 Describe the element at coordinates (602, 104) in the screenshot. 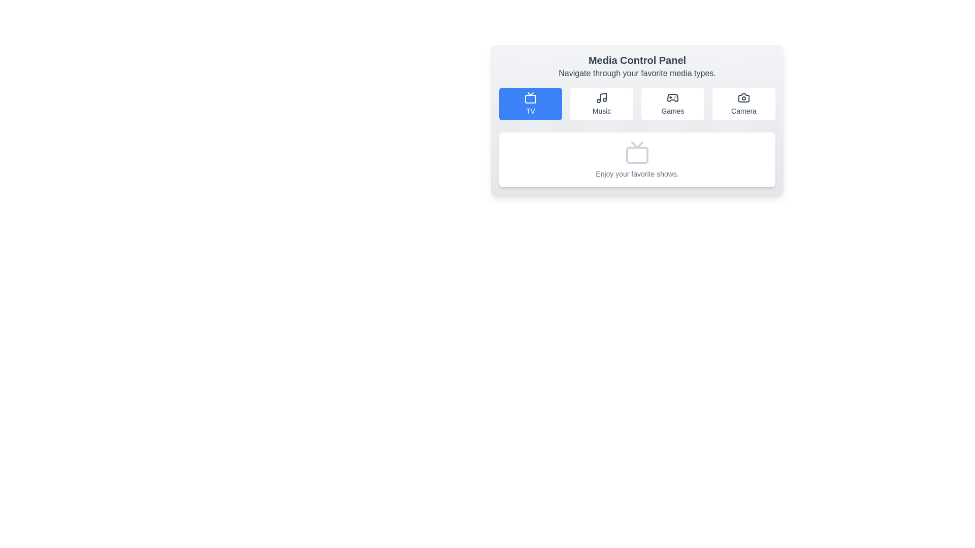

I see `the 'Music' button, which is a rectangular button with rounded corners, white background, and gray text displaying a musical note symbol above the text 'Music'` at that location.